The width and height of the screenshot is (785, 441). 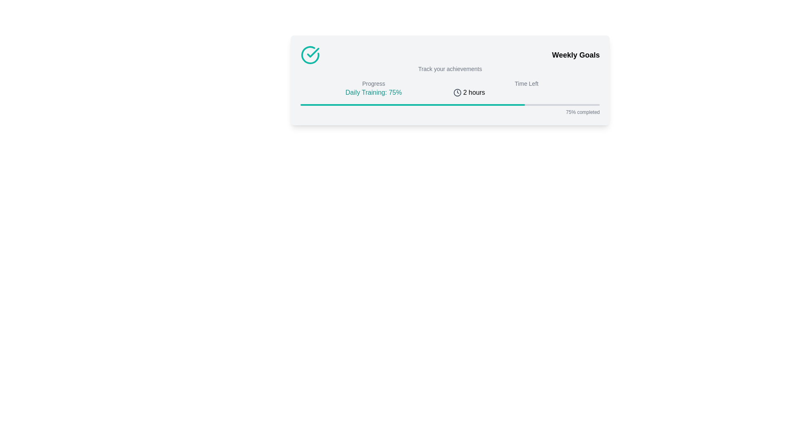 What do you see at coordinates (526, 88) in the screenshot?
I see `the 'Time Left' informational text element, which includes the gray label 'Time Left' and the accompanying text '2 hours' along with a small clock icon` at bounding box center [526, 88].